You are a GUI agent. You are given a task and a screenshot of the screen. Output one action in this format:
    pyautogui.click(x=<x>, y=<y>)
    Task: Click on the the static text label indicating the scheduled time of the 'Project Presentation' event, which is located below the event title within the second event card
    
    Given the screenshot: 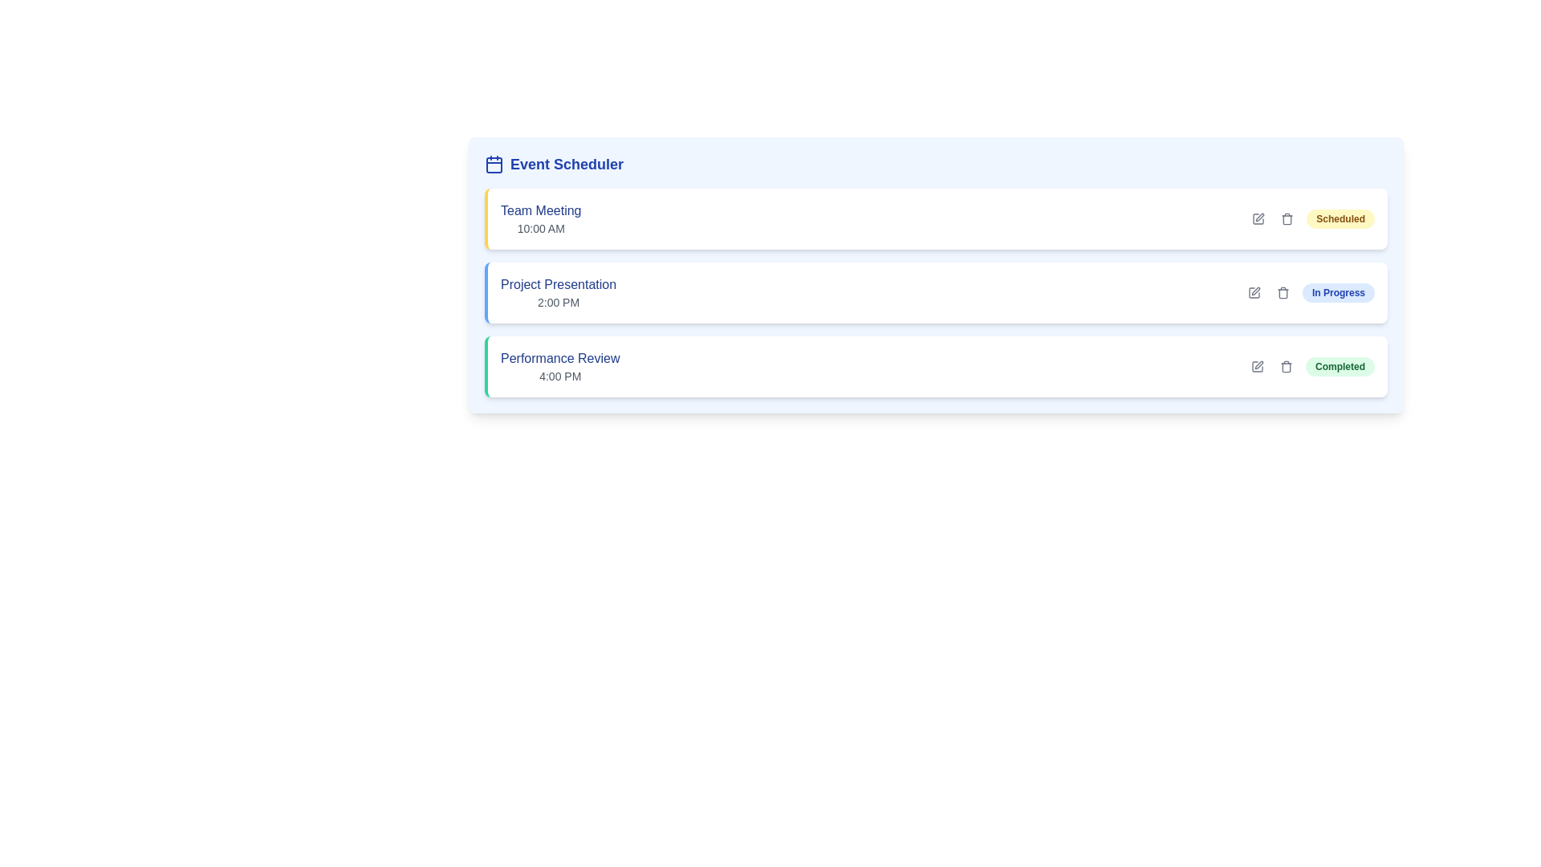 What is the action you would take?
    pyautogui.click(x=559, y=303)
    